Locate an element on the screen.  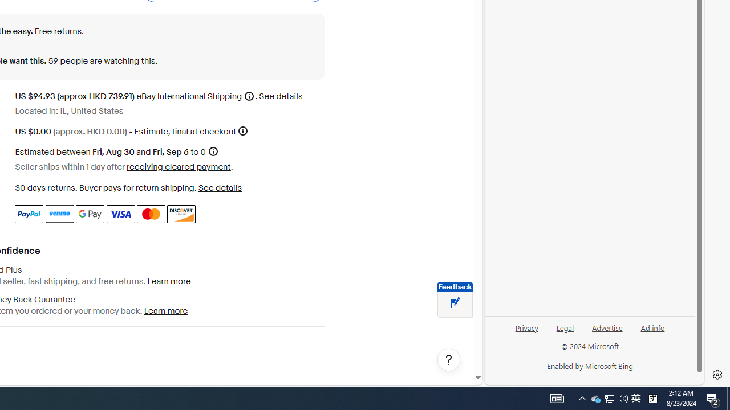
'See details for shipping' is located at coordinates (281, 96).